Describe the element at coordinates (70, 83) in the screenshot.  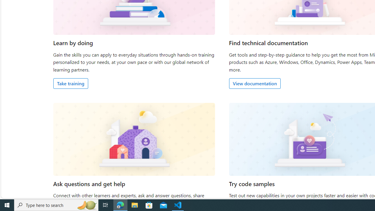
I see `'Take training'` at that location.